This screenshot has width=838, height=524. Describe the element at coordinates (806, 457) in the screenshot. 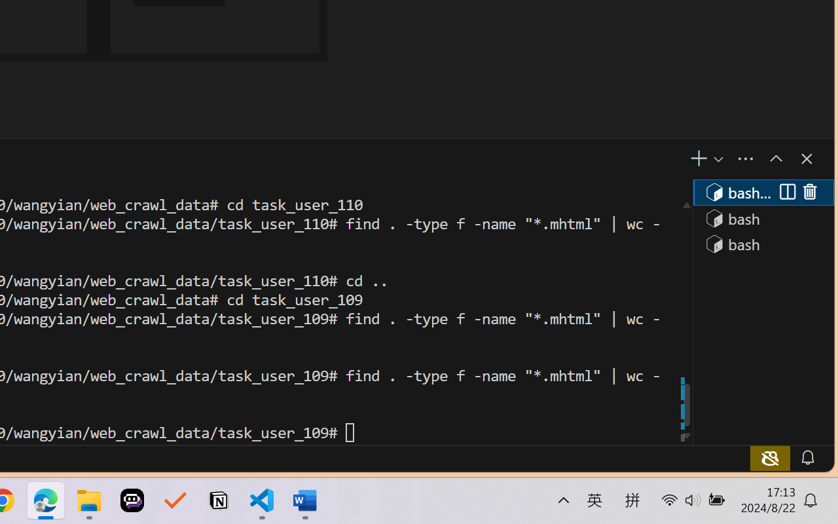

I see `'Notifications'` at that location.